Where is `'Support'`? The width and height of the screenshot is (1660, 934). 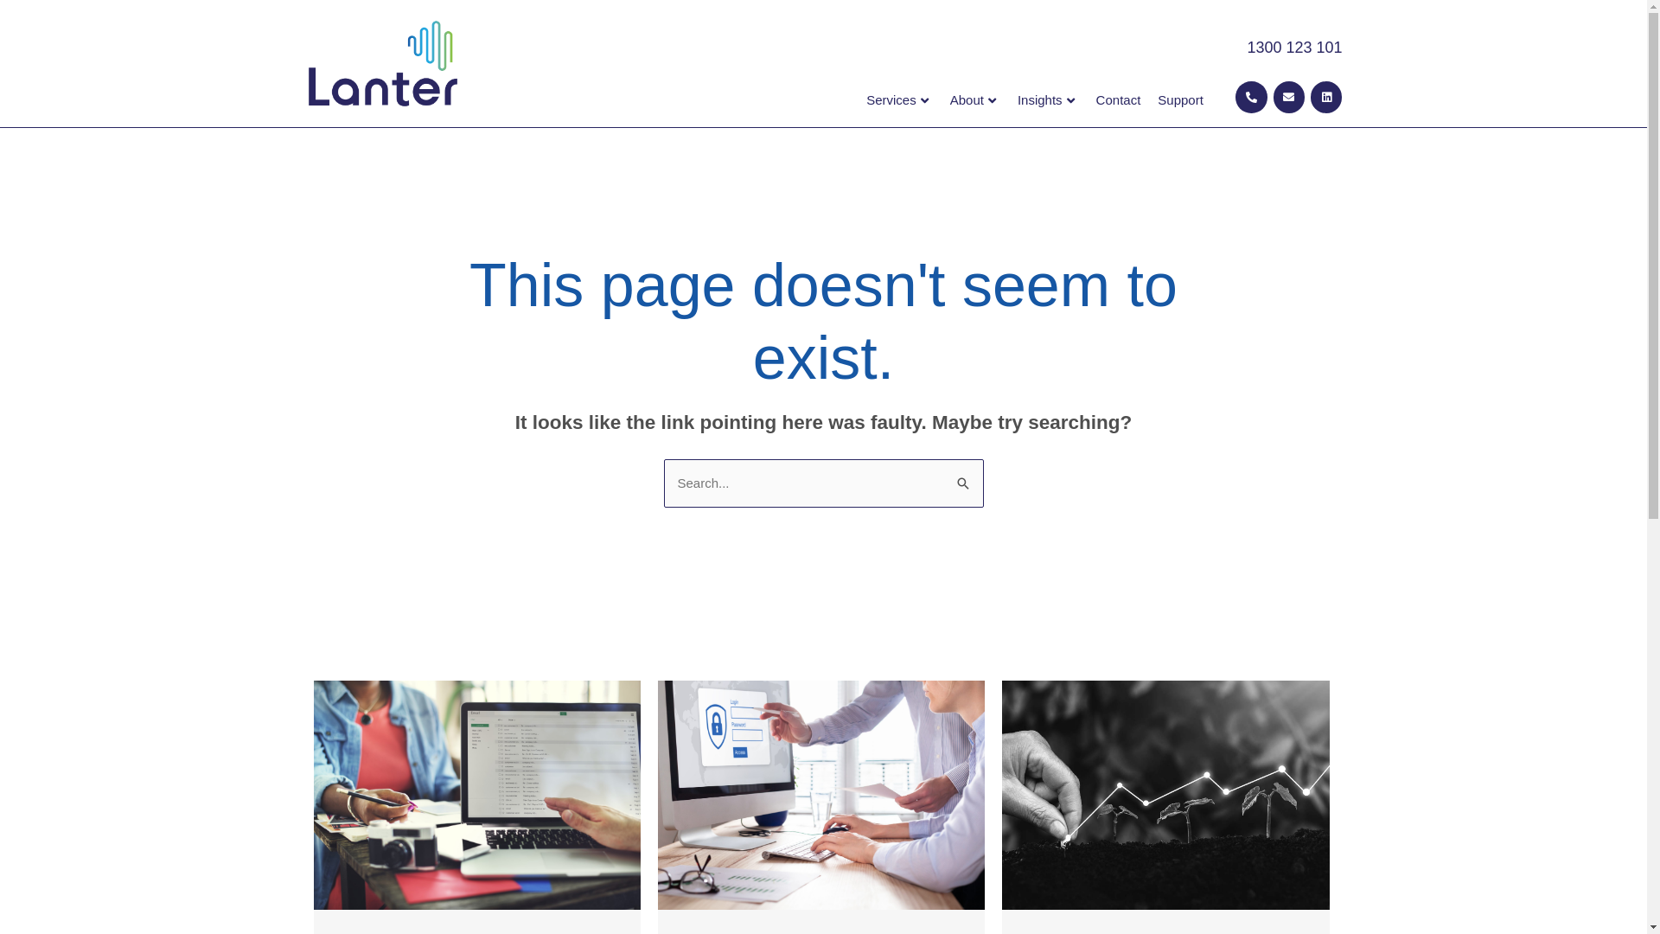 'Support' is located at coordinates (1149, 99).